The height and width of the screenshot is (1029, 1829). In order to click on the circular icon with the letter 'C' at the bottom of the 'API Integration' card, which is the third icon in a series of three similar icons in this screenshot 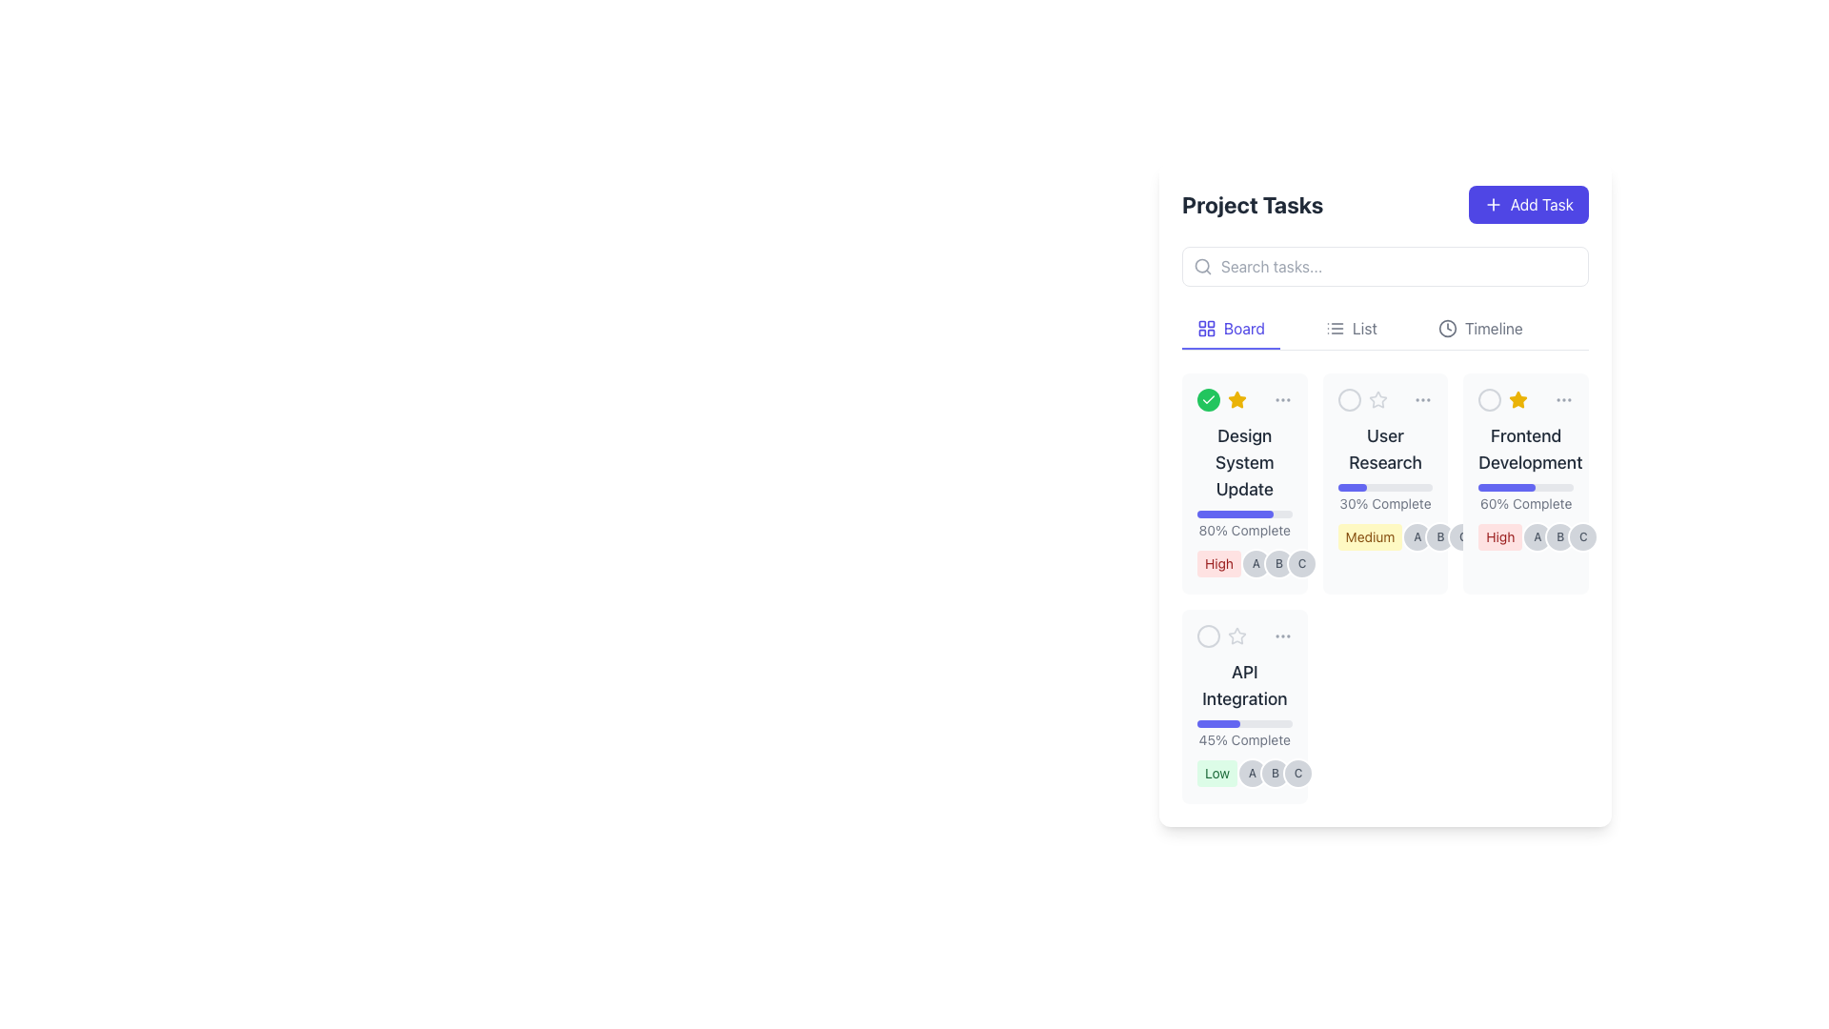, I will do `click(1297, 774)`.